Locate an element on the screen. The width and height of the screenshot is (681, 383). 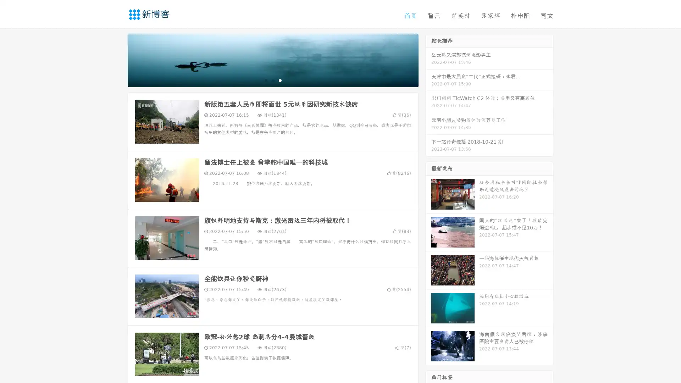
Go to slide 2 is located at coordinates (272, 80).